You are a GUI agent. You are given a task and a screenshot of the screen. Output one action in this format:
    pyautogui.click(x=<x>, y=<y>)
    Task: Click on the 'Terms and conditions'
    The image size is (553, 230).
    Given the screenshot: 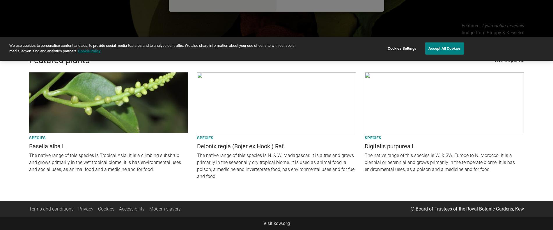 What is the action you would take?
    pyautogui.click(x=51, y=208)
    